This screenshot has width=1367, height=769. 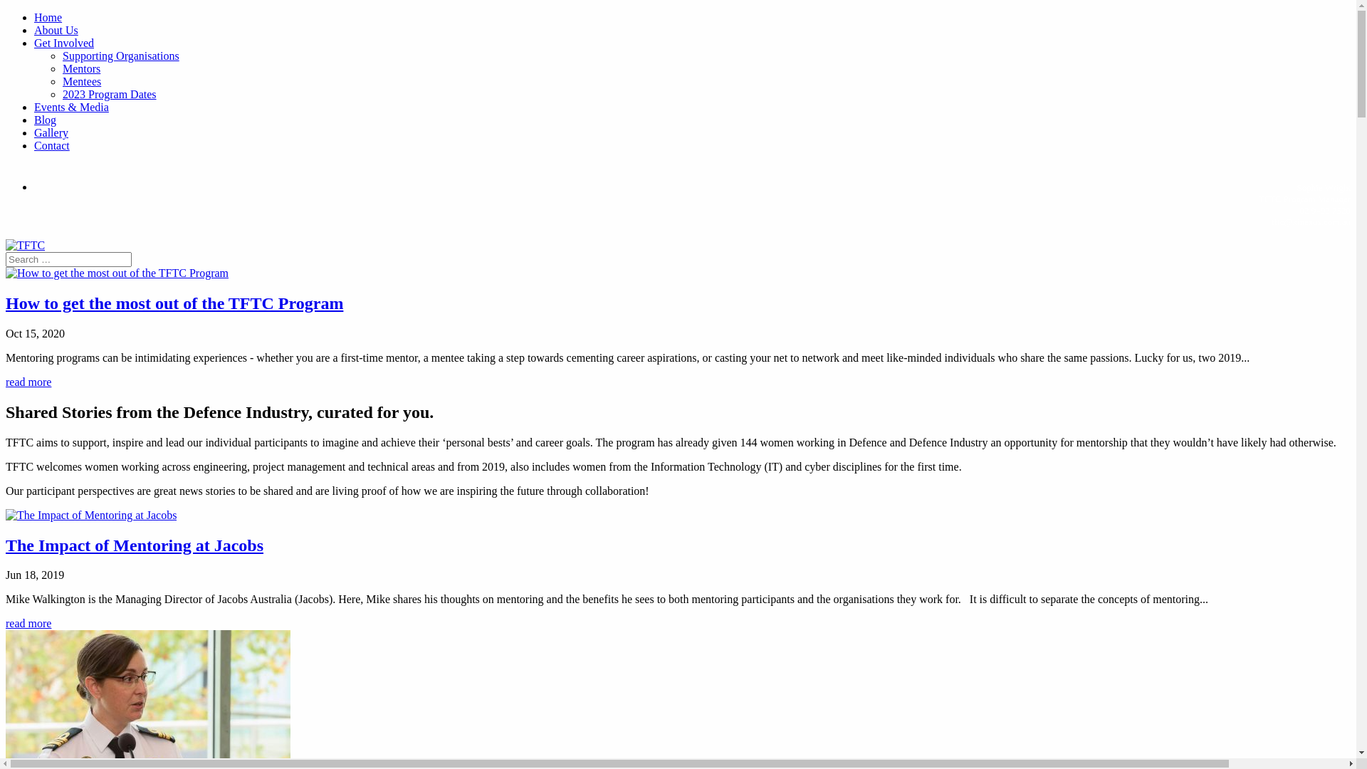 What do you see at coordinates (45, 119) in the screenshot?
I see `'Blog'` at bounding box center [45, 119].